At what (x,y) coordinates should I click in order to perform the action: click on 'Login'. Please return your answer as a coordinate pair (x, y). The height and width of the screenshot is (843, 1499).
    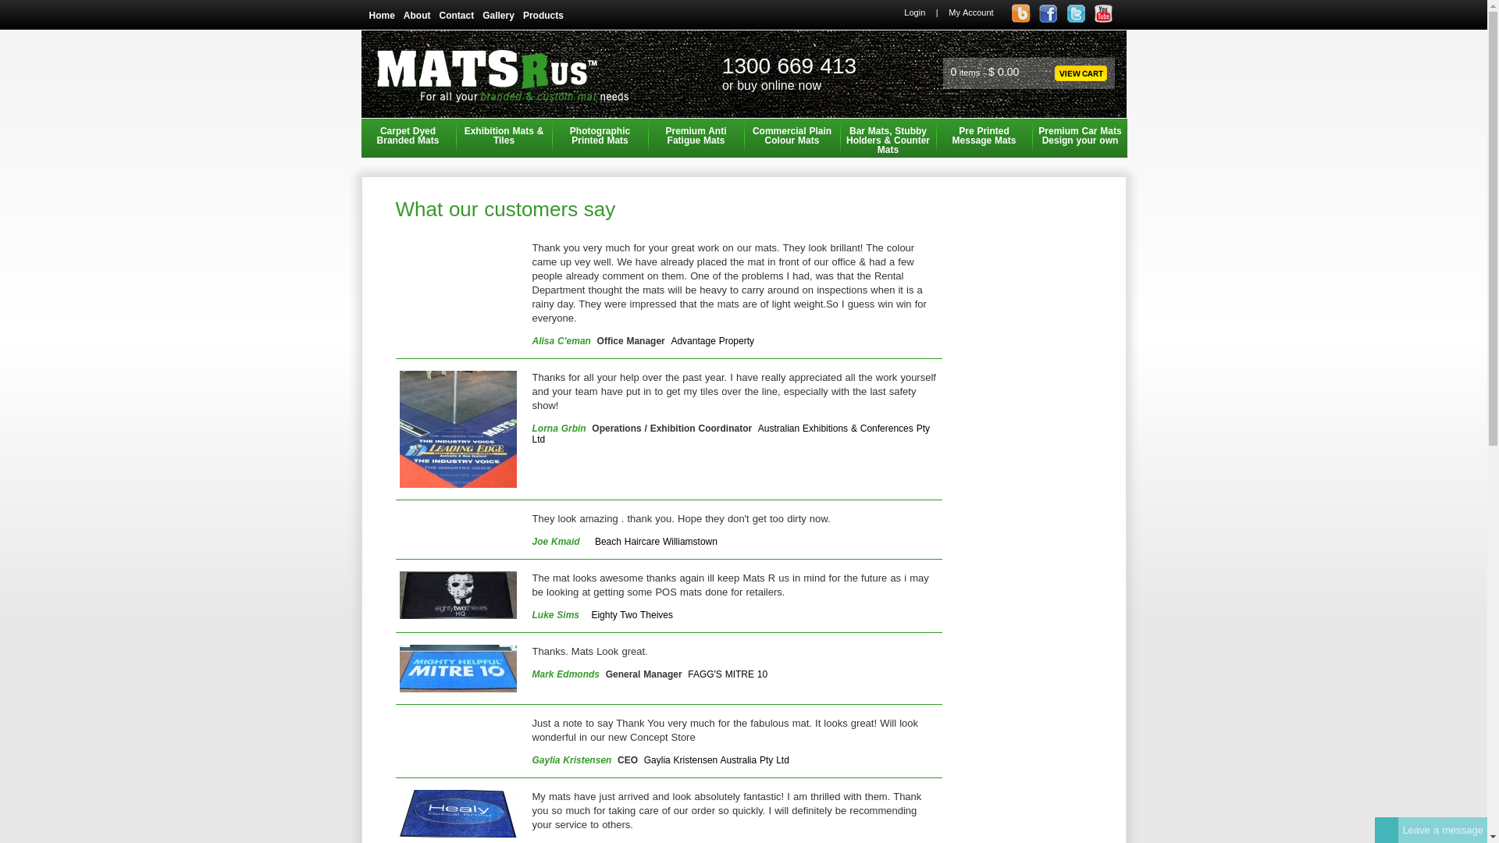
    Looking at the image, I should click on (914, 12).